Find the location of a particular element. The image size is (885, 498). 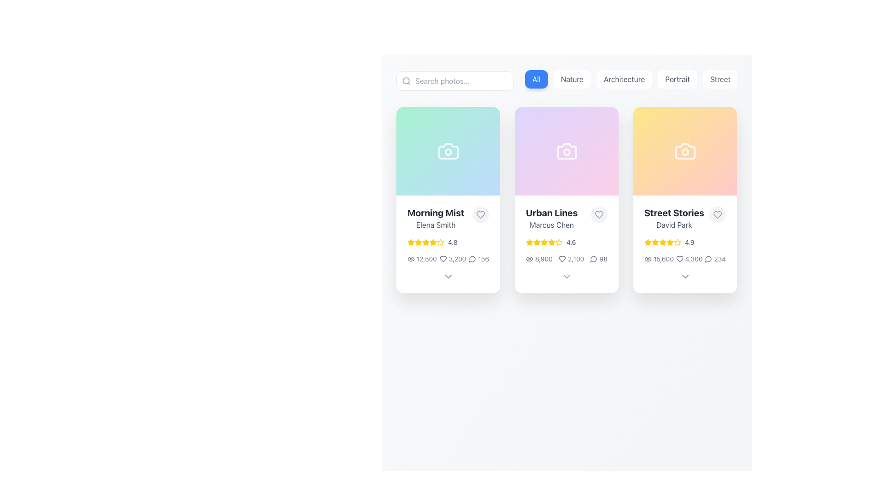

text information displayed in the title and subtitle of the Text label, which shows 'Urban Lines' and 'Marcus Chen' respectively, located in the middle card of a three-card layout is located at coordinates (552, 219).